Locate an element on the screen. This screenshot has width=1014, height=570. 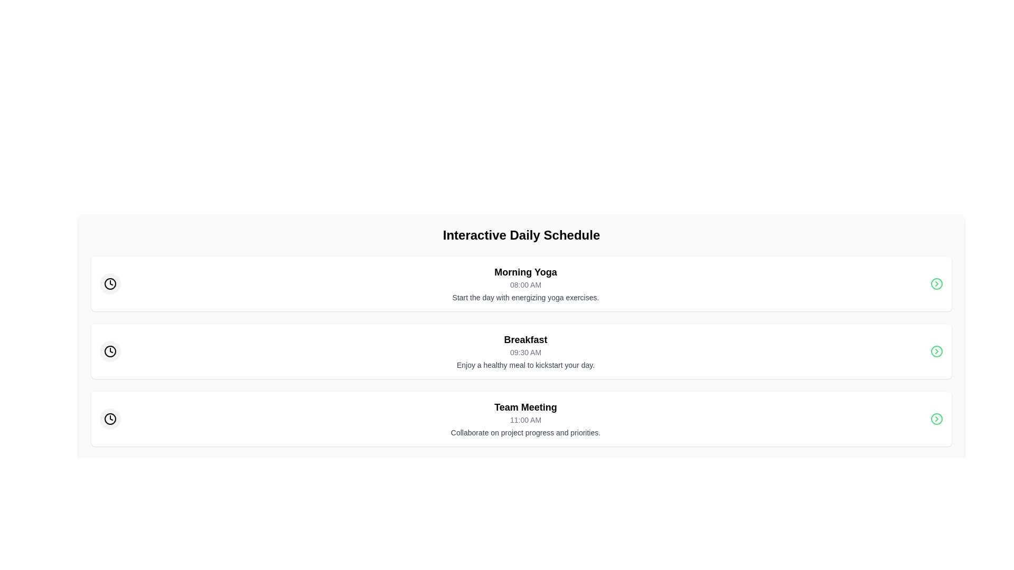
the clock icon, which is styled with a circular outline and shows an hour hand pointing to 12 and a minute hand pointing to 3, located next to the 'Morning Yoga' text is located at coordinates (110, 283).